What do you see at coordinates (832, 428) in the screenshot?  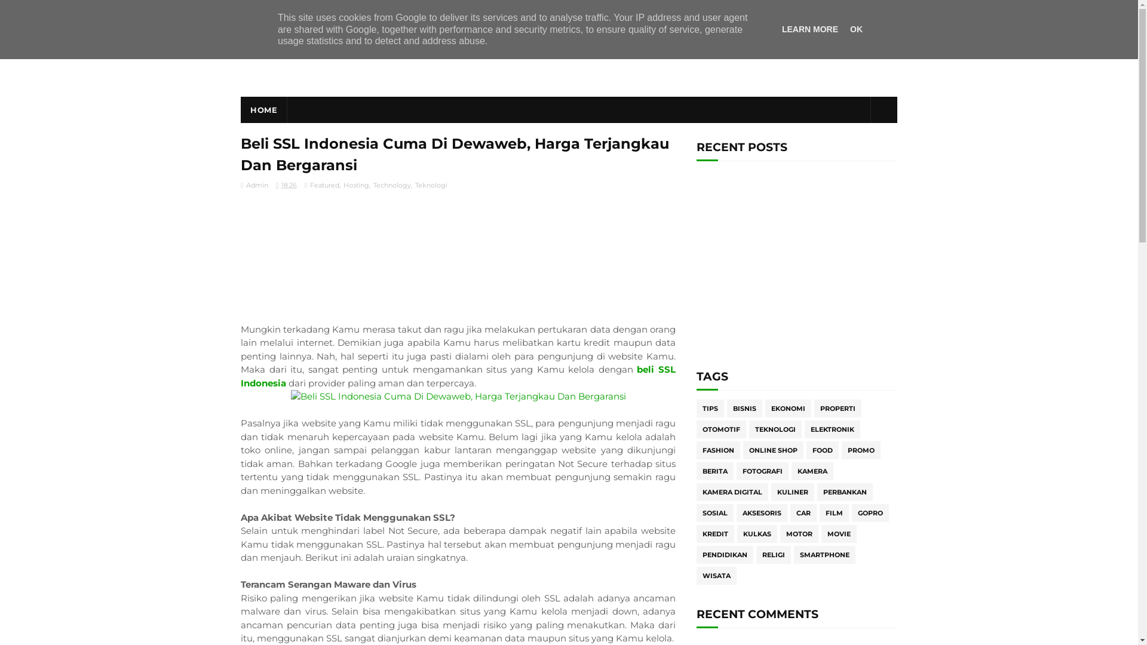 I see `'ELEKTRONIK'` at bounding box center [832, 428].